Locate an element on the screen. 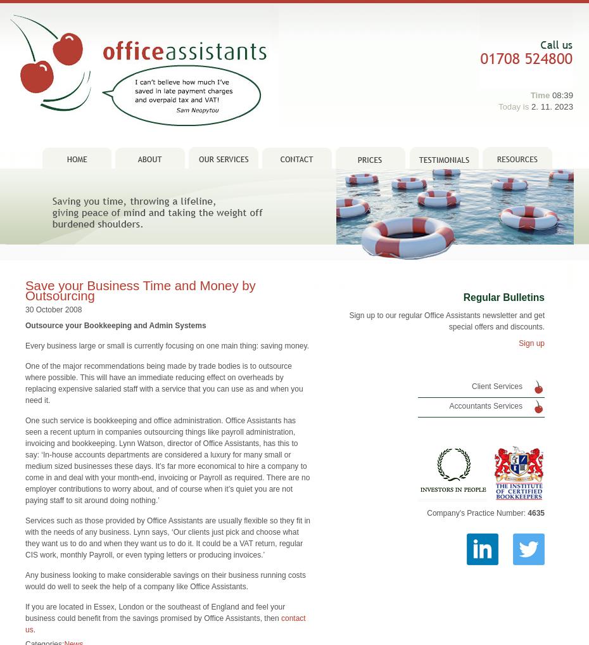 The image size is (589, 645). 'Time' is located at coordinates (539, 76).